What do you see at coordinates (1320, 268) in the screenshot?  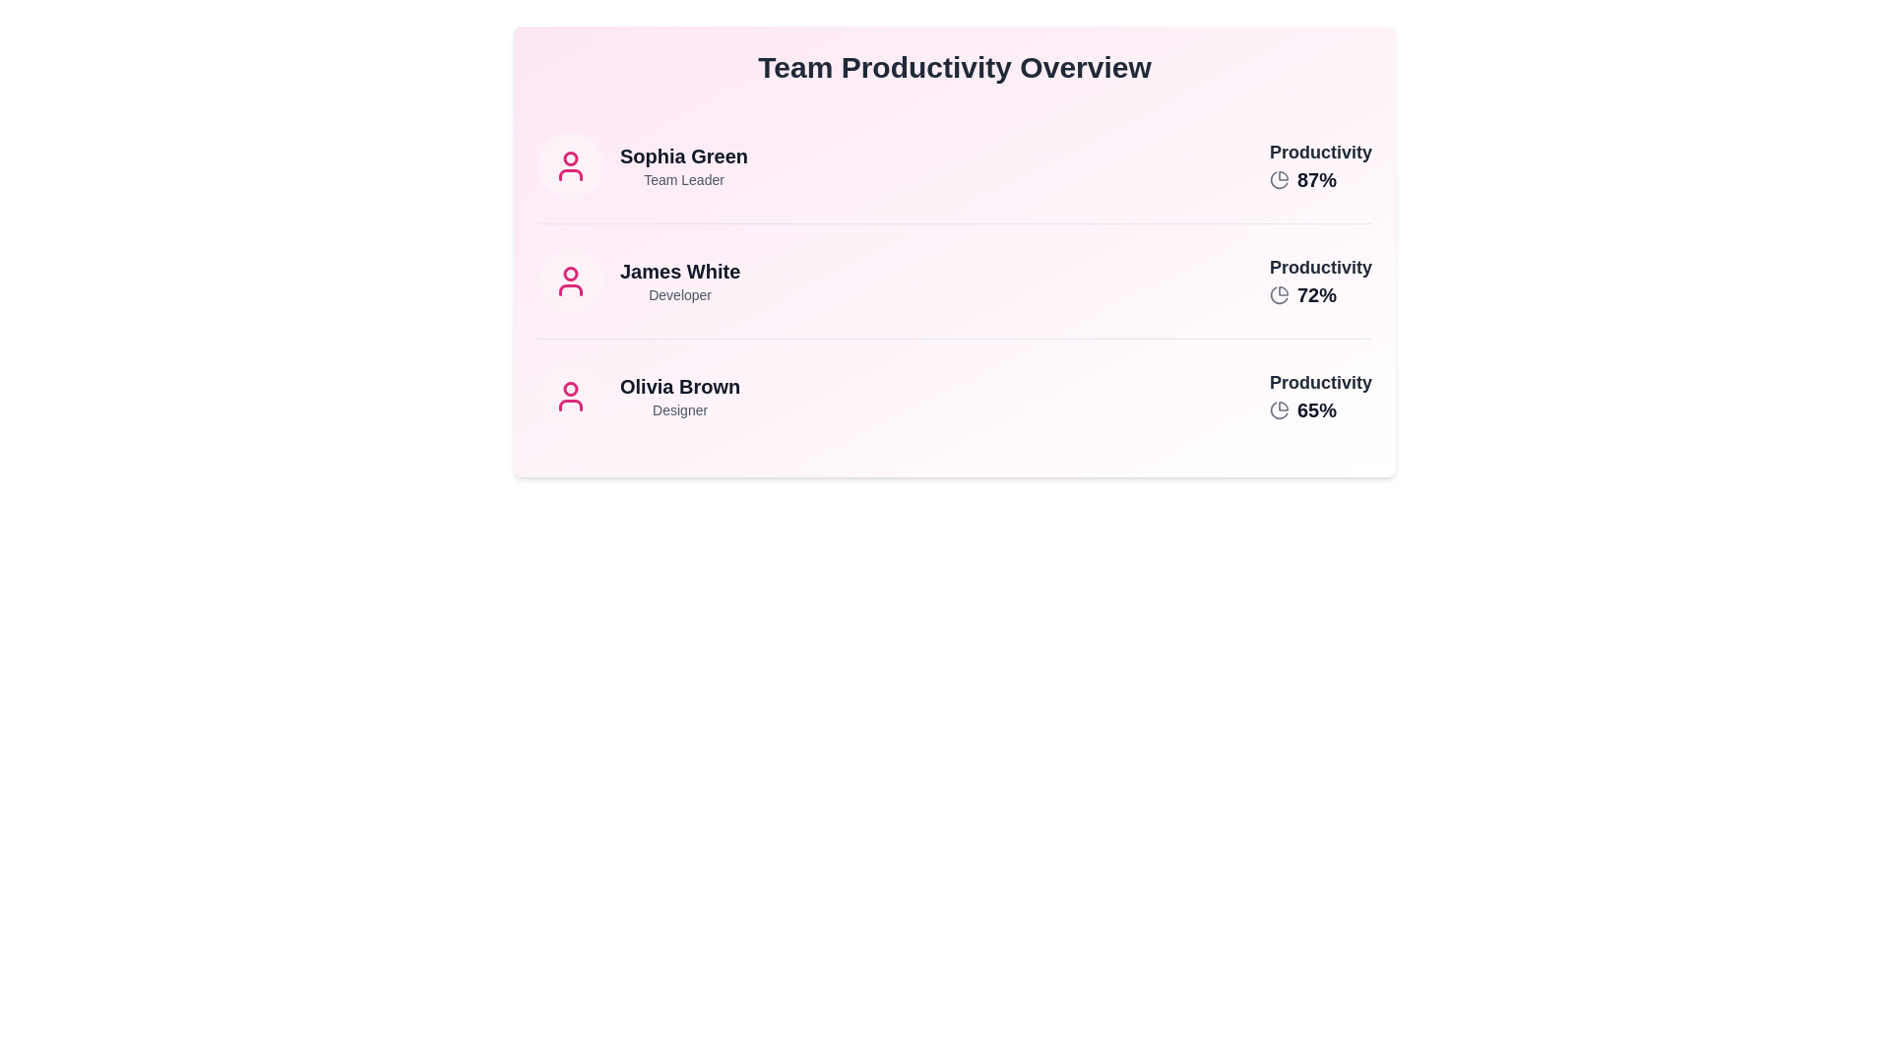 I see `the text label that describes the productivity metric for 'James White', located at the top of its group, aligned to the right near the center of the second card` at bounding box center [1320, 268].